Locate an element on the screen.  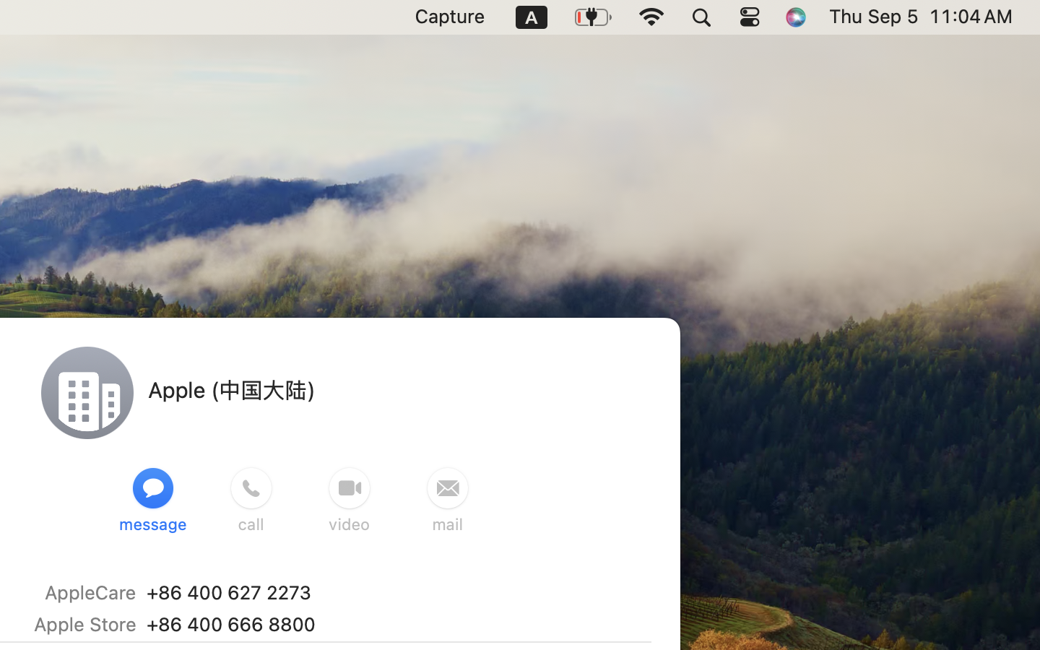
'‭+86 400 627 2273‬' is located at coordinates (227, 591).